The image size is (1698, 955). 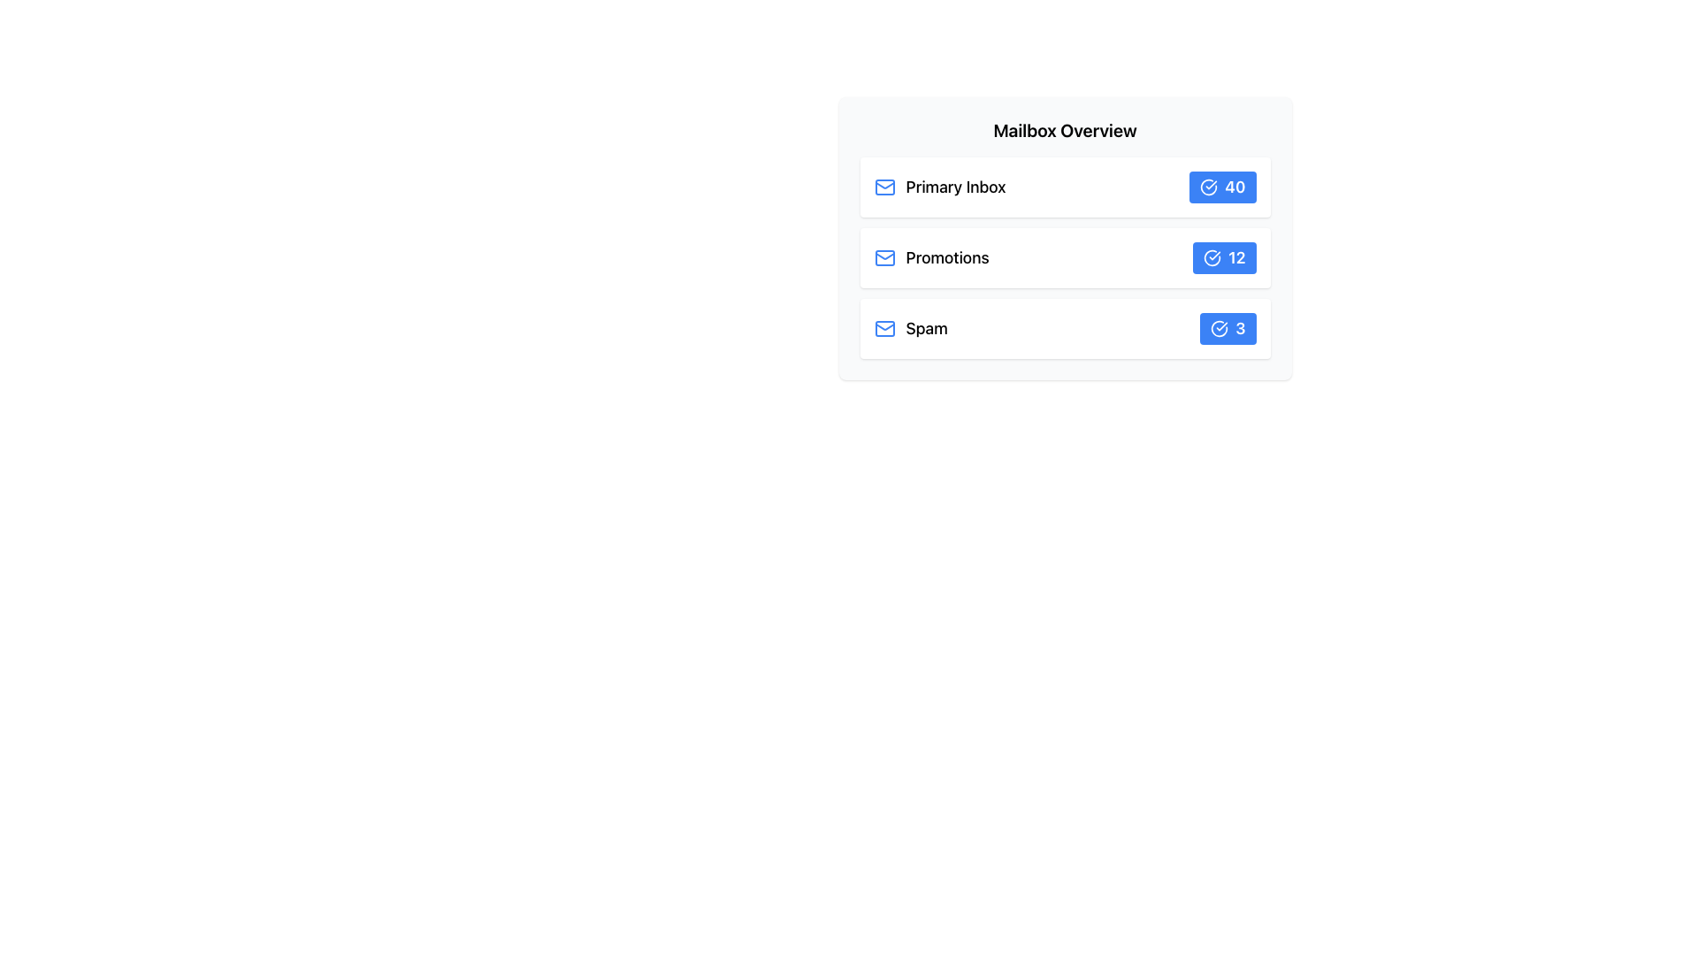 What do you see at coordinates (954, 187) in the screenshot?
I see `label for the primary inbox category located under the 'Mailbox Overview' heading, which follows a blue envelope icon in the email management interface` at bounding box center [954, 187].